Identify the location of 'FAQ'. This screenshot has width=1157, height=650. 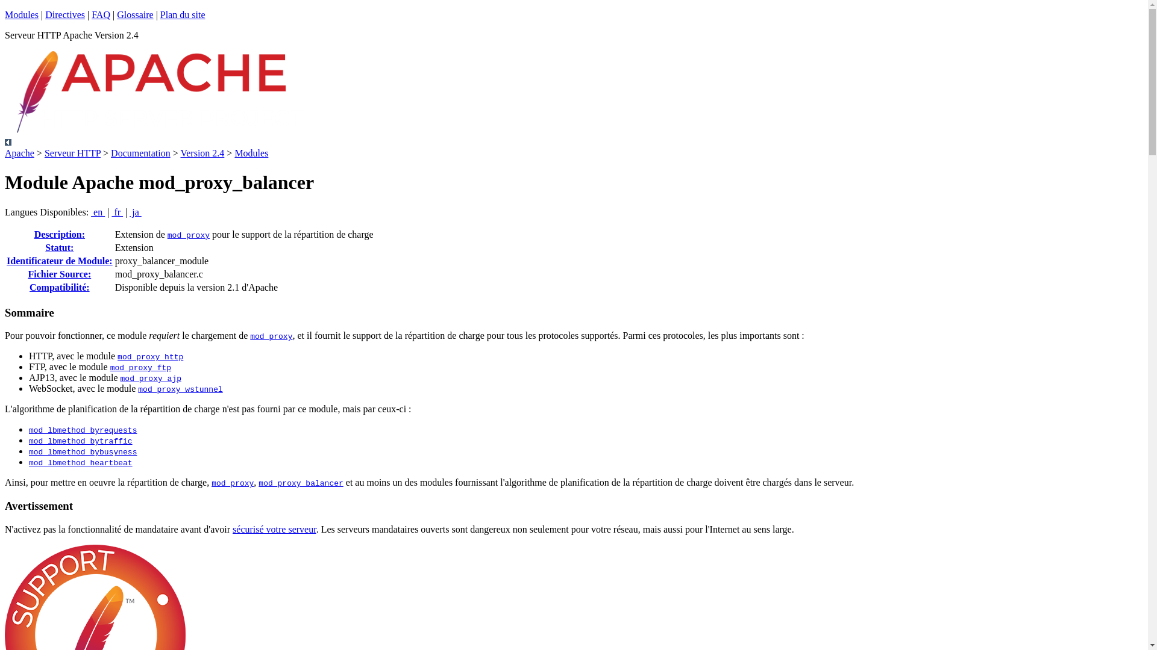
(101, 14).